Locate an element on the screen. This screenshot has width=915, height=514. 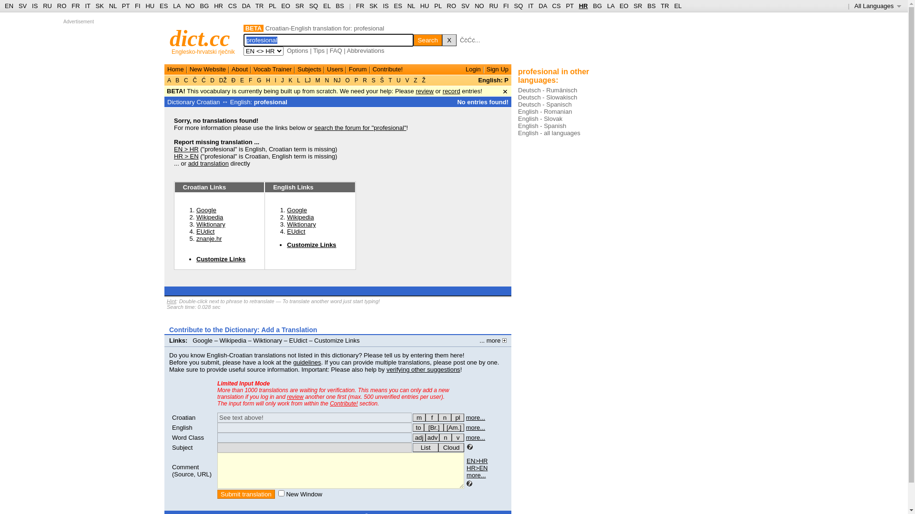
'M' is located at coordinates (318, 80).